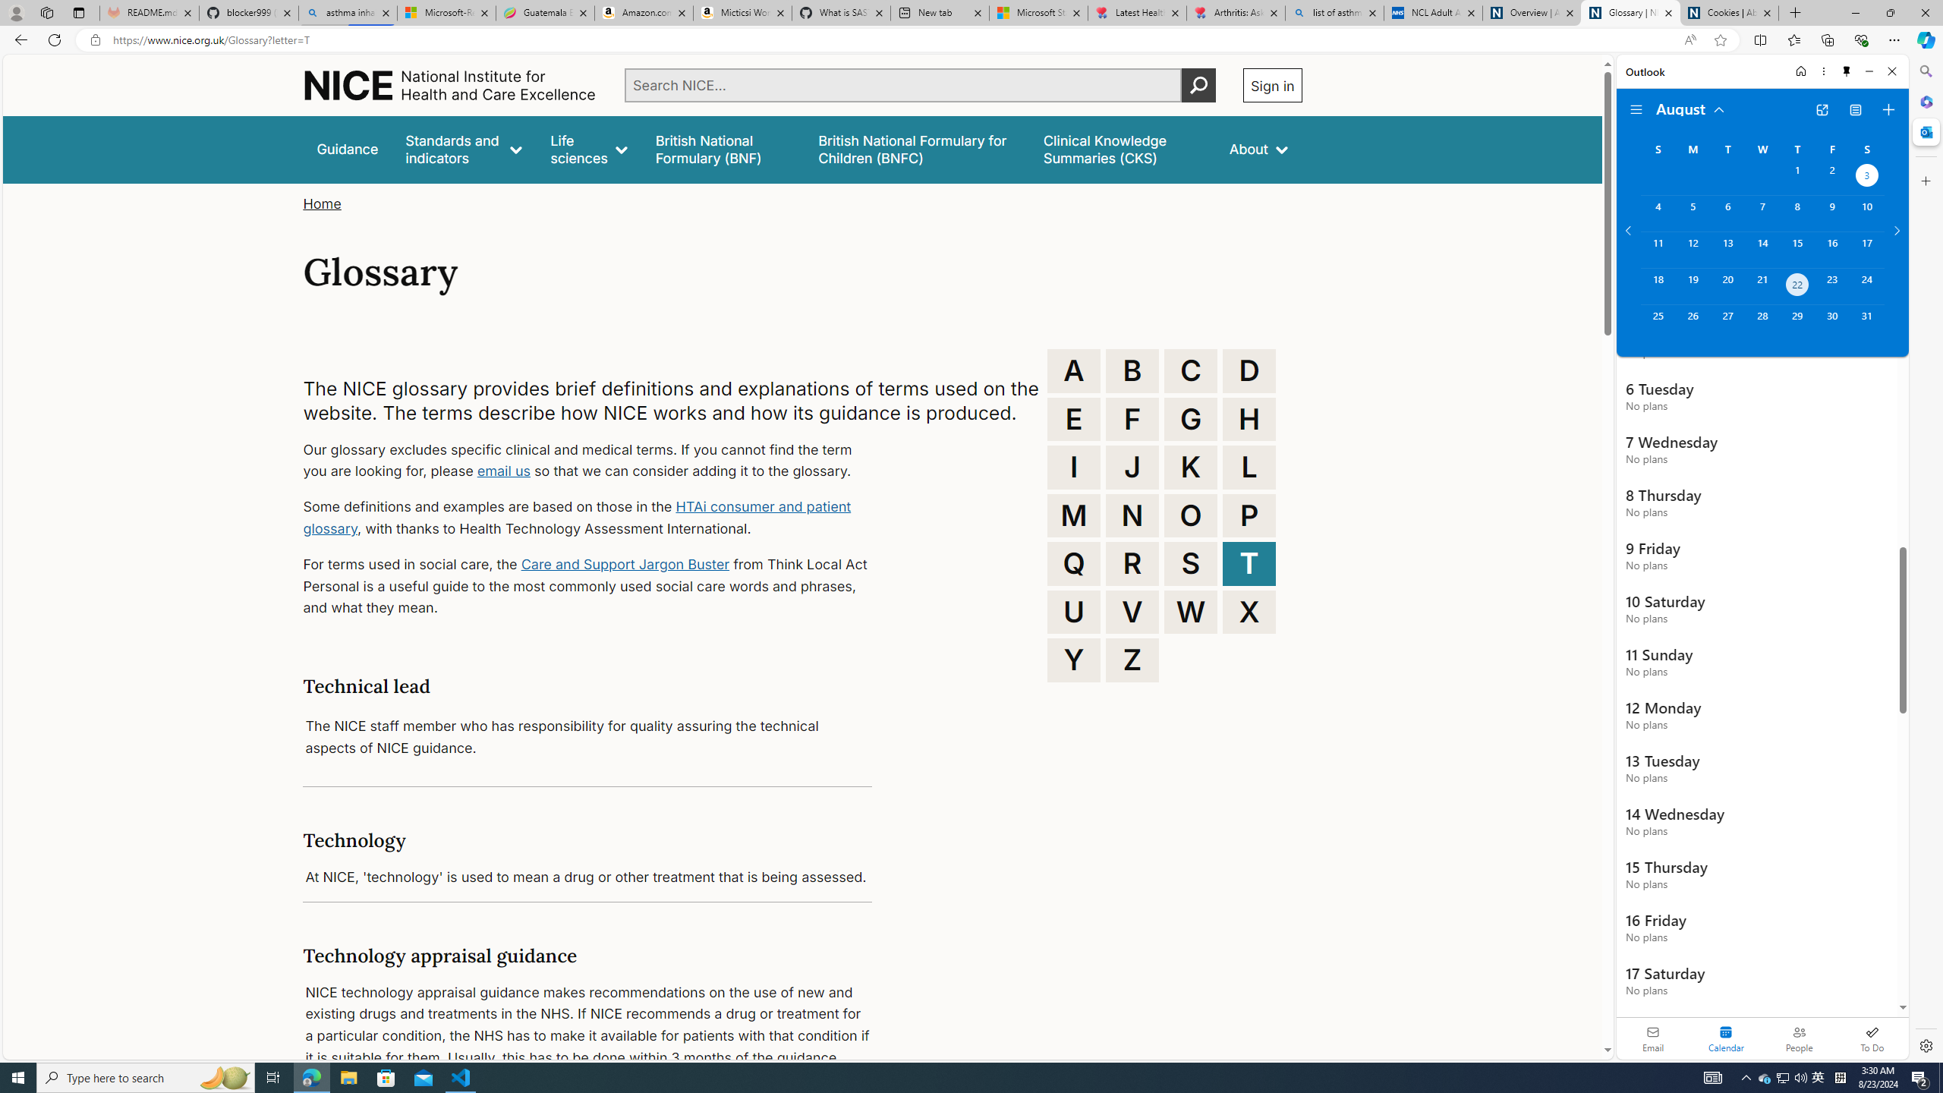 This screenshot has height=1093, width=1943. What do you see at coordinates (1866, 250) in the screenshot?
I see `'Saturday, August 17, 2024. '` at bounding box center [1866, 250].